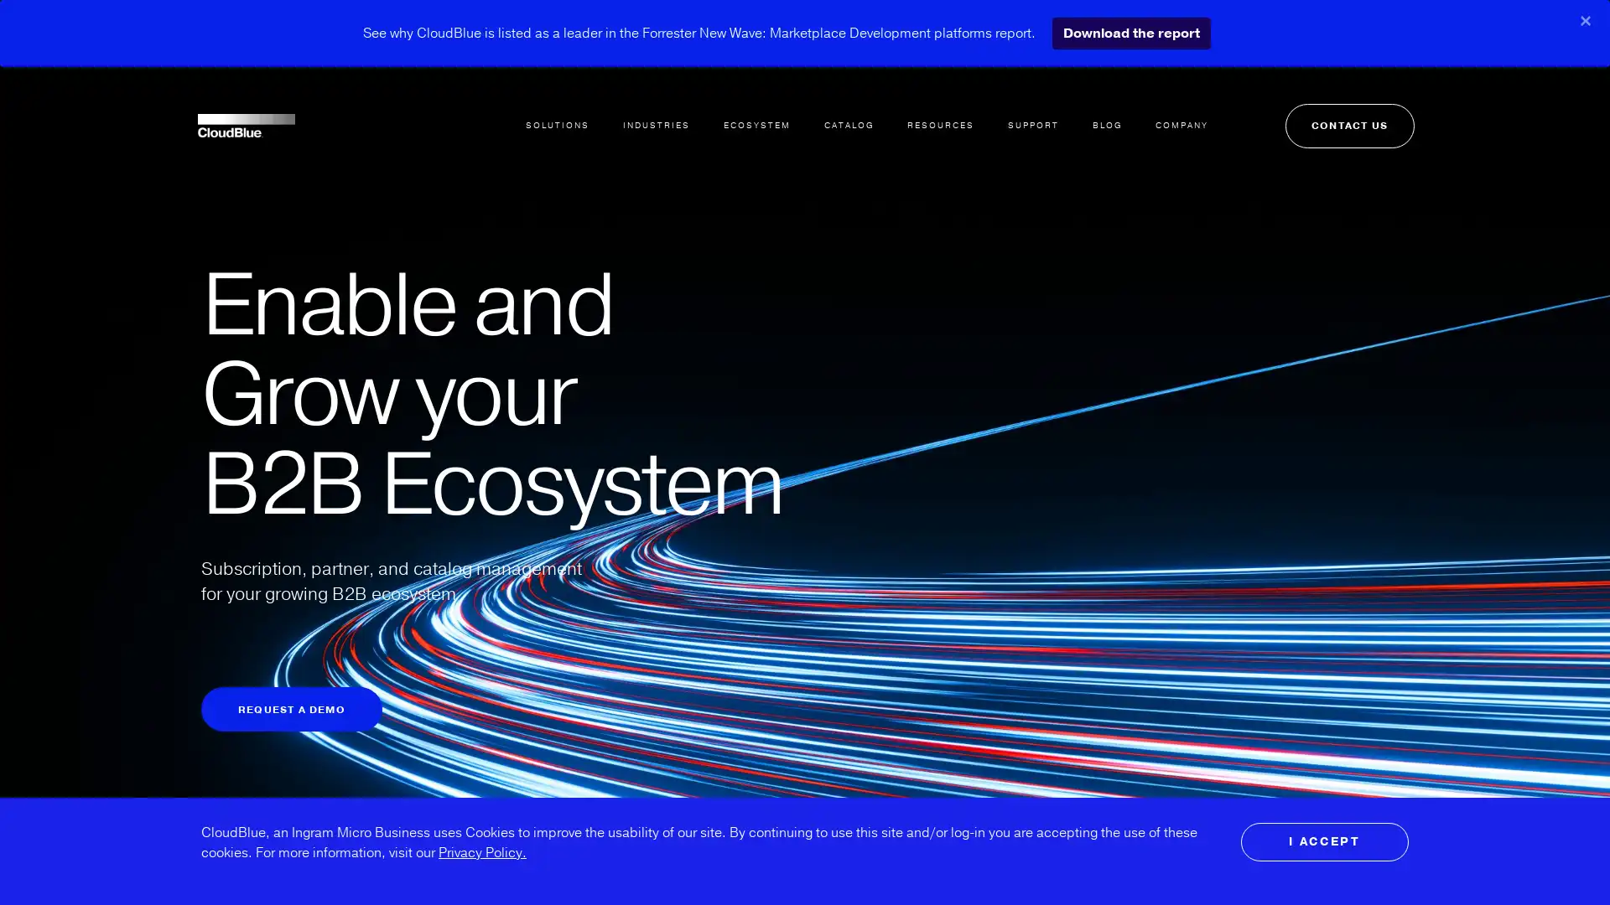 This screenshot has height=905, width=1610. I want to click on Close, so click(1585, 20).